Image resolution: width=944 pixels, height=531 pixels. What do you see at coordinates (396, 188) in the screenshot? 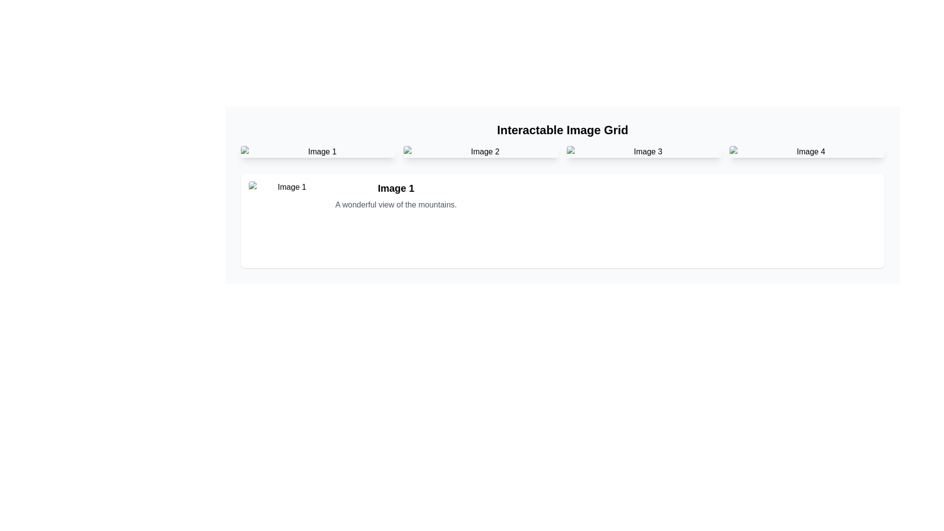
I see `title header text label located at the bottom card row, which is horizontally centered within the card and positioned above the text 'A wonderful view of the mountains.'` at bounding box center [396, 188].